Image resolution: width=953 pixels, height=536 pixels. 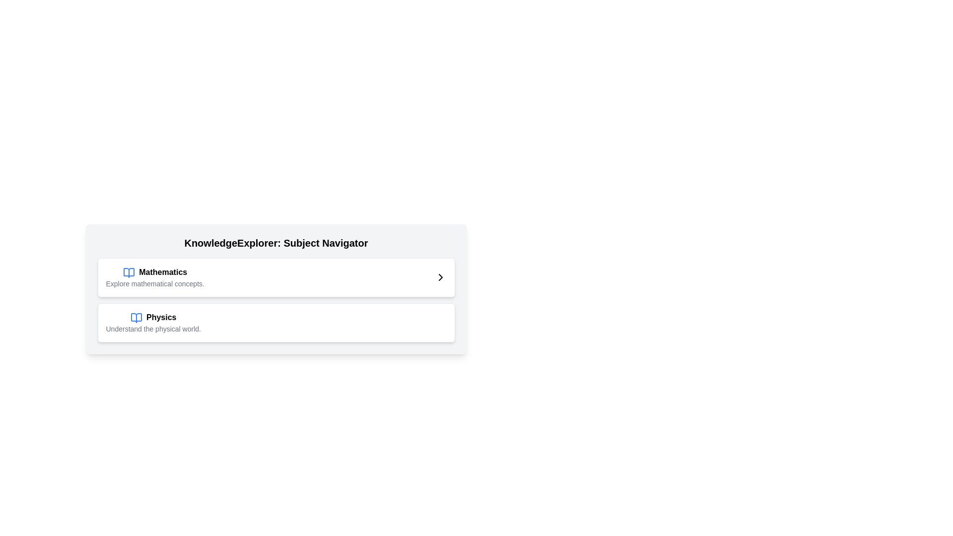 What do you see at coordinates (440, 277) in the screenshot?
I see `the right-pointing chevron icon located at the far right of the 'Mathematics' subject item` at bounding box center [440, 277].